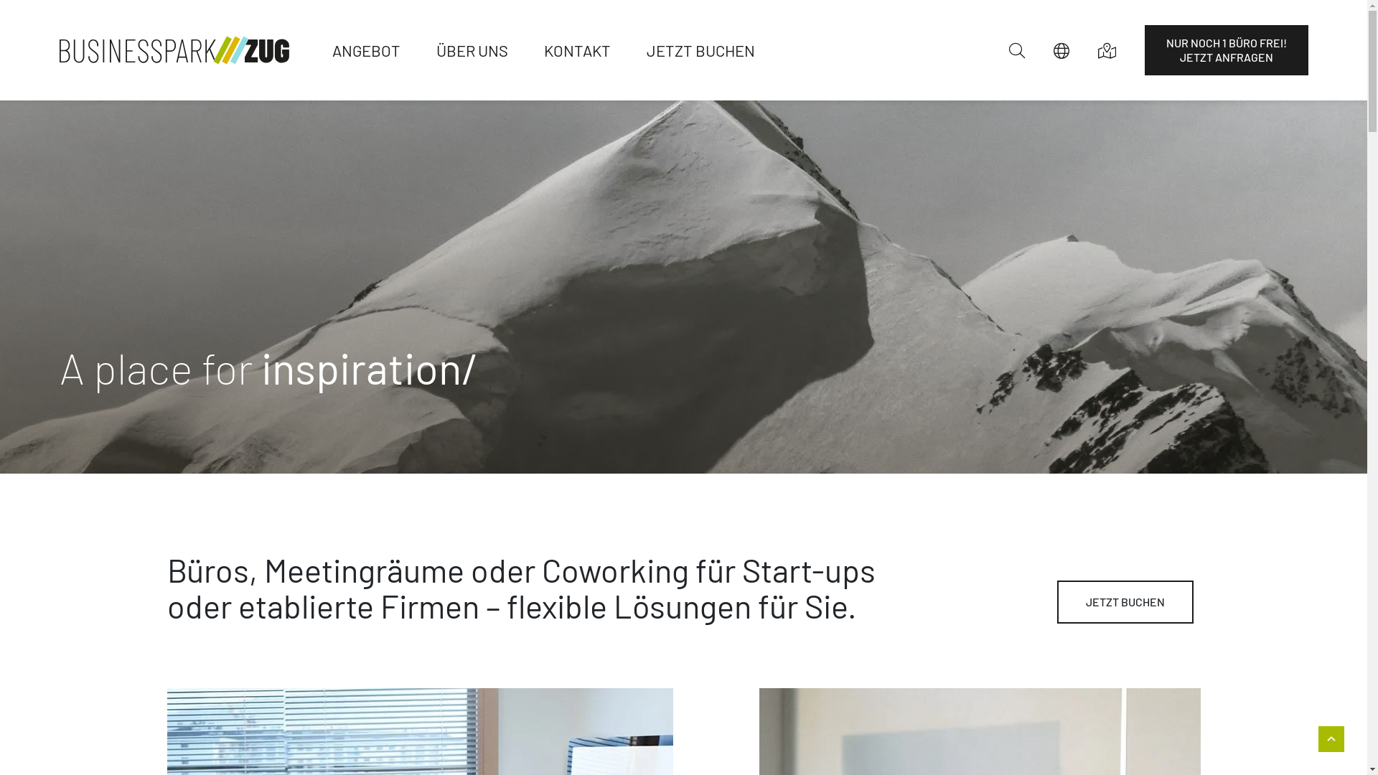 The width and height of the screenshot is (1378, 775). Describe the element at coordinates (375, 50) in the screenshot. I see `'ANGEBOT'` at that location.